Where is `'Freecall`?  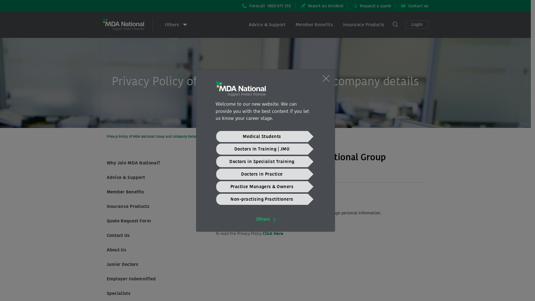 'Freecall is located at coordinates (264, 6).